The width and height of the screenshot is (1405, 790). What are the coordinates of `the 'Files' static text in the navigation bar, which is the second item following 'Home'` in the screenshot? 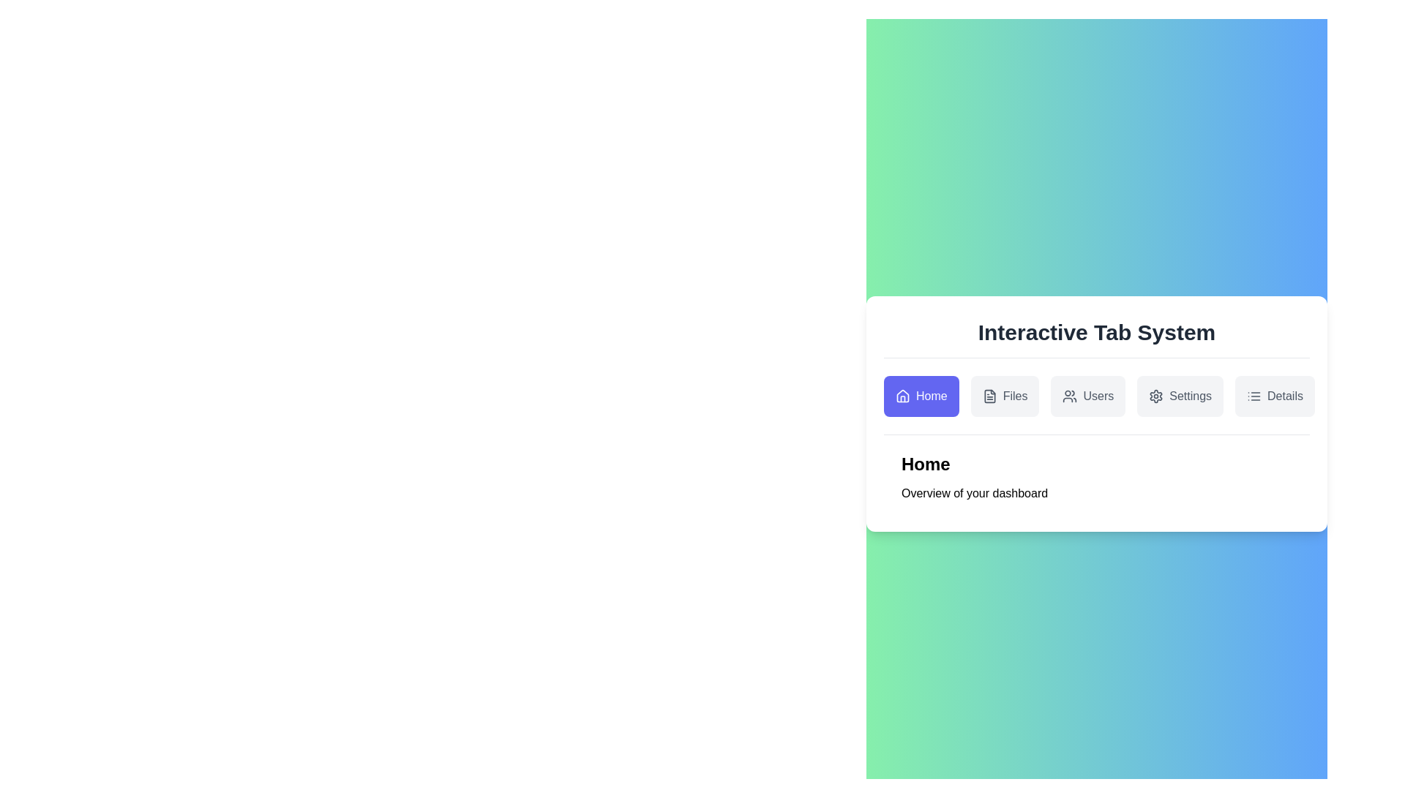 It's located at (1014, 396).